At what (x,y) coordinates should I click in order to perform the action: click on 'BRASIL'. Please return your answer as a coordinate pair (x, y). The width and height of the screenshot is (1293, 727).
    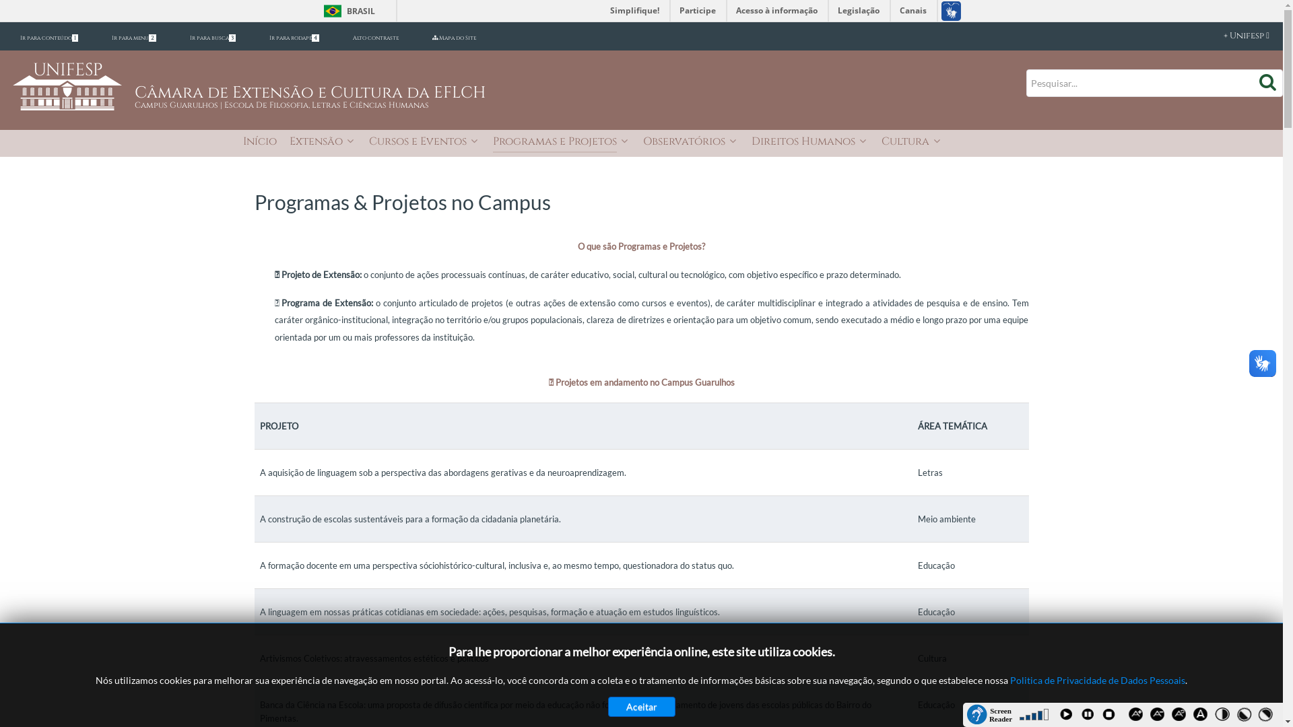
    Looking at the image, I should click on (346, 11).